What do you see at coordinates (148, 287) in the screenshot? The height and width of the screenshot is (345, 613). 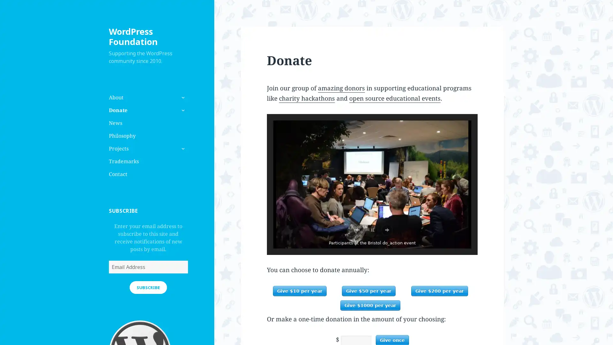 I see `SUBSCRIBE` at bounding box center [148, 287].